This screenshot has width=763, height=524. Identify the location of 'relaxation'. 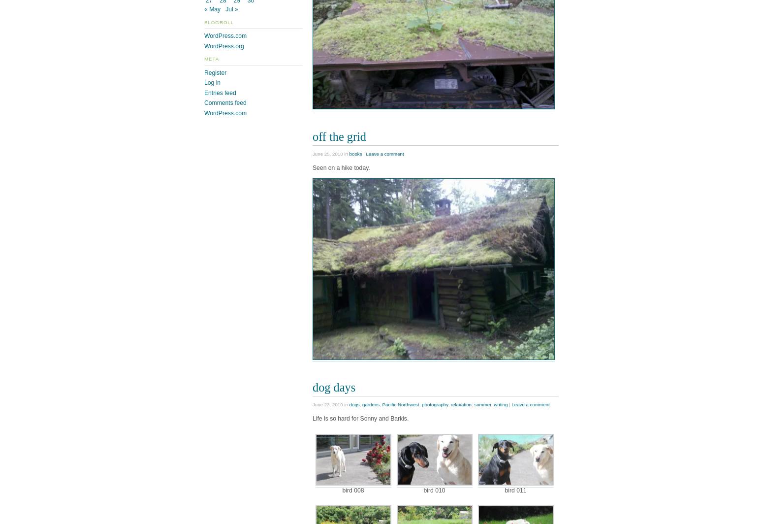
(460, 404).